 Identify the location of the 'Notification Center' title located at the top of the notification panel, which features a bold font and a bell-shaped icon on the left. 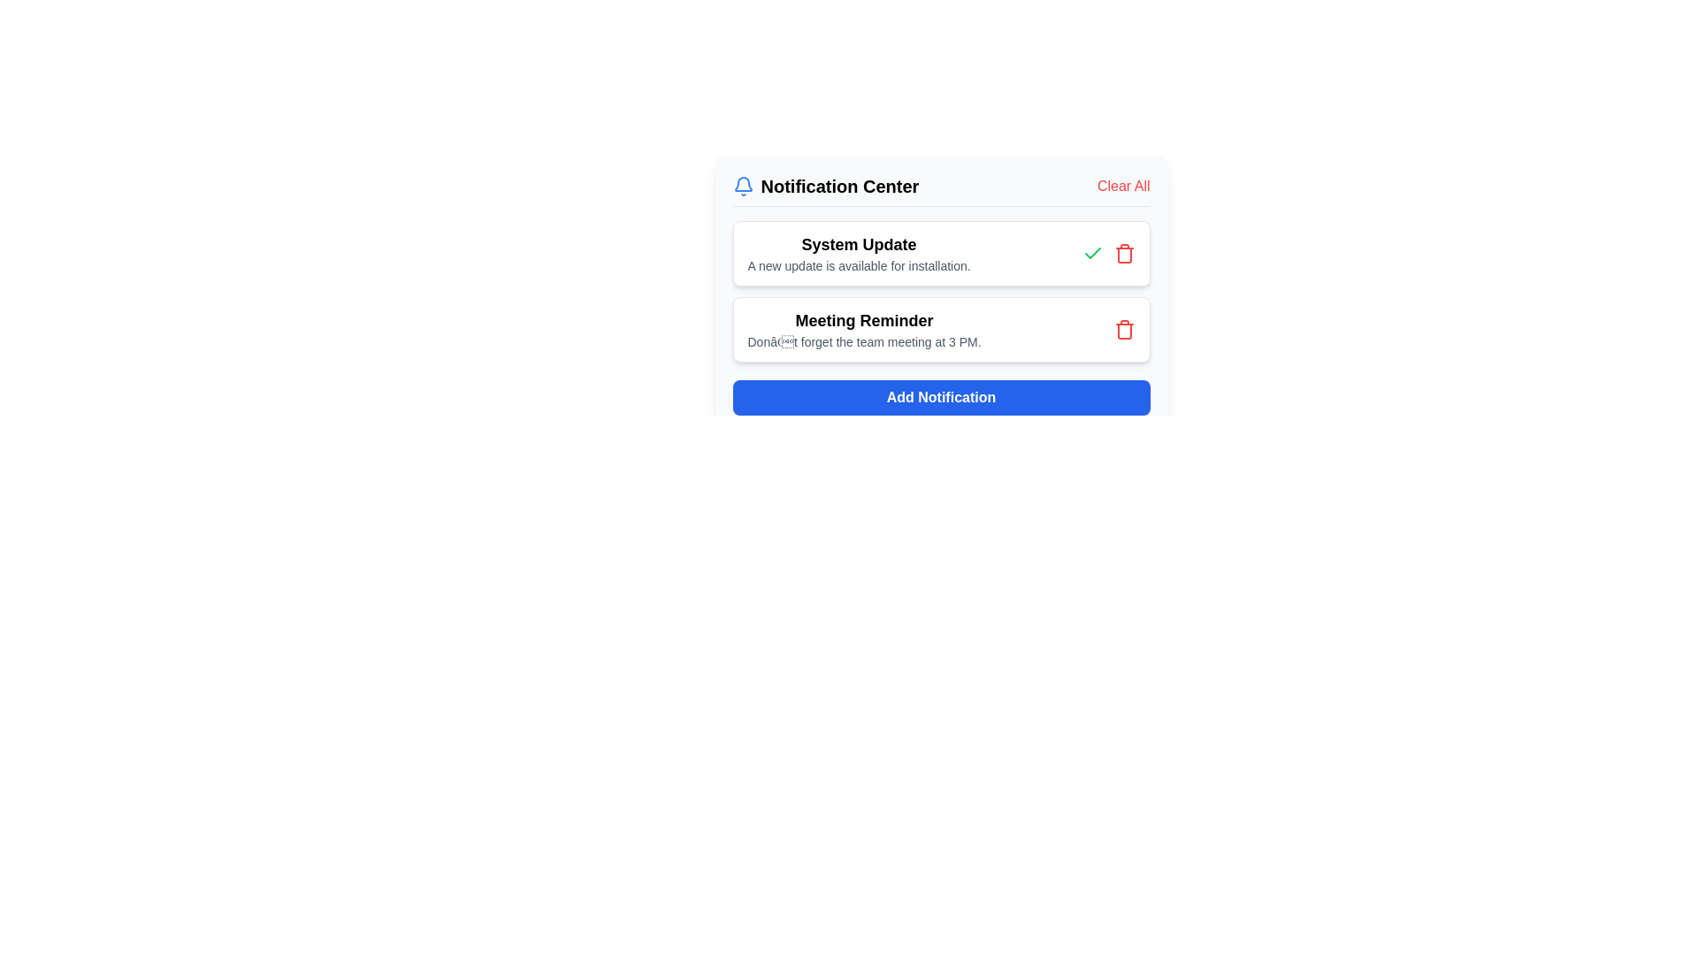
(940, 190).